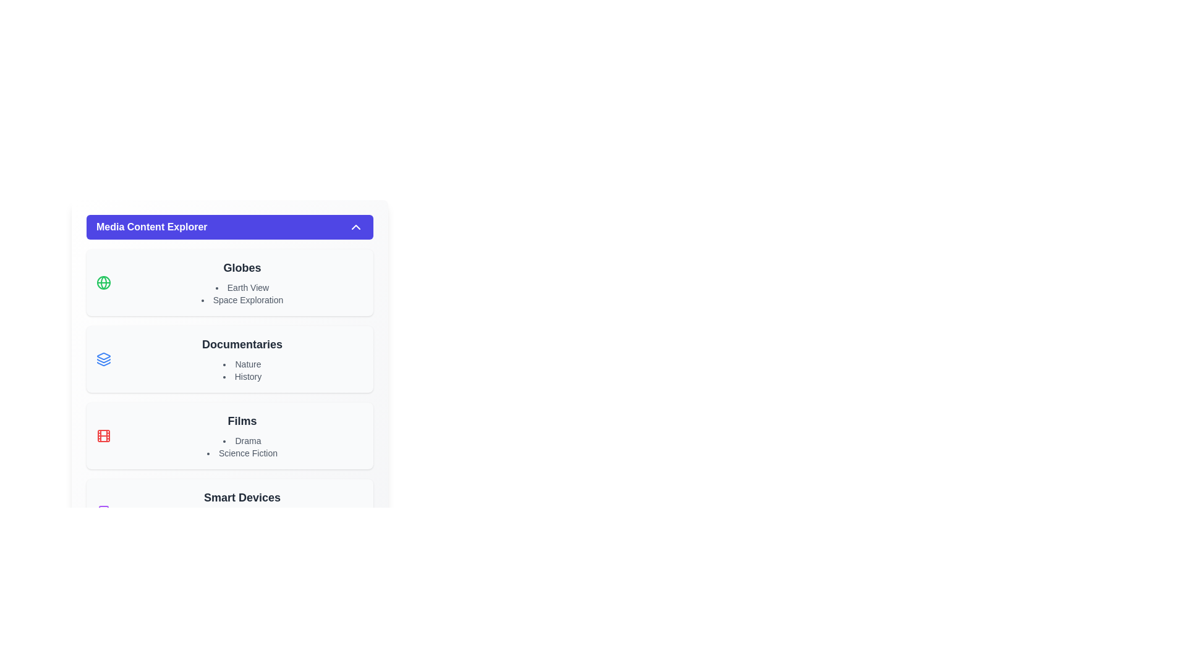 The image size is (1187, 667). Describe the element at coordinates (242, 300) in the screenshot. I see `to select the list item with the text 'Space Exploration', which is the second item under the heading 'Globes'` at that location.